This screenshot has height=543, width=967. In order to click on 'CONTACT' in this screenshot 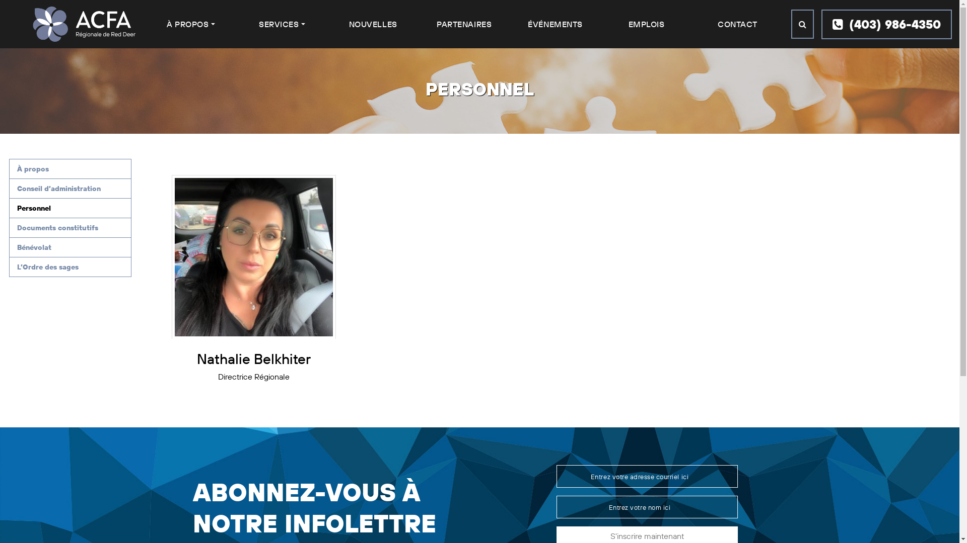, I will do `click(737, 23)`.